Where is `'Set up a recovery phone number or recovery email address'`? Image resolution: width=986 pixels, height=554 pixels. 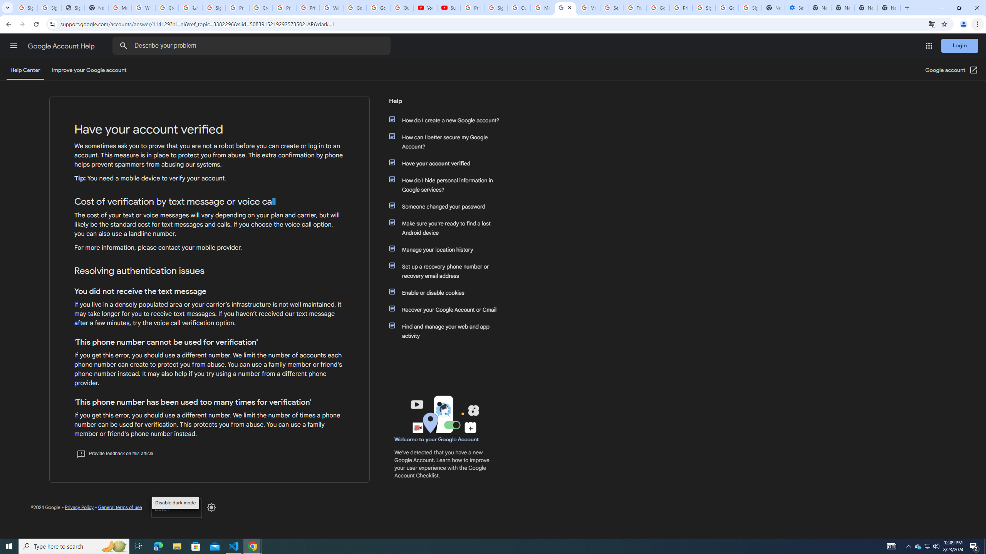
'Set up a recovery phone number or recovery email address' is located at coordinates (448, 271).